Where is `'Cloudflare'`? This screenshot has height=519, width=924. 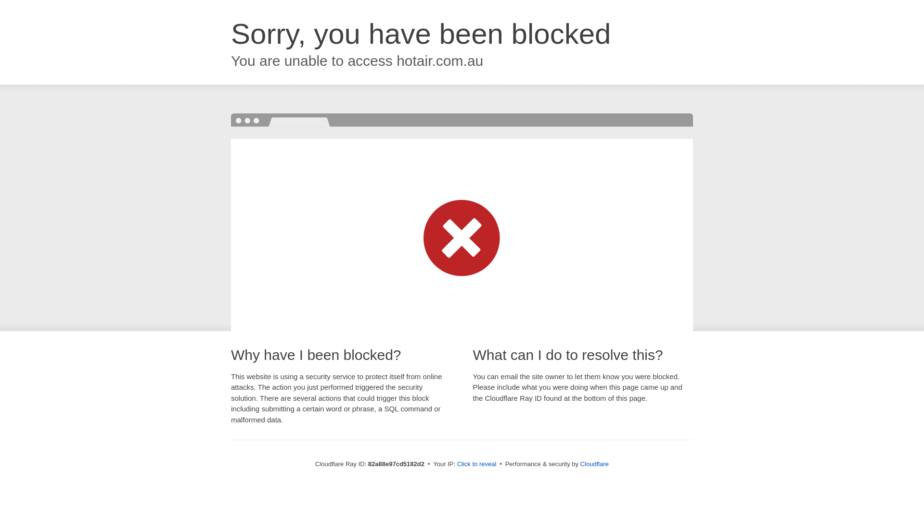
'Cloudflare' is located at coordinates (594, 463).